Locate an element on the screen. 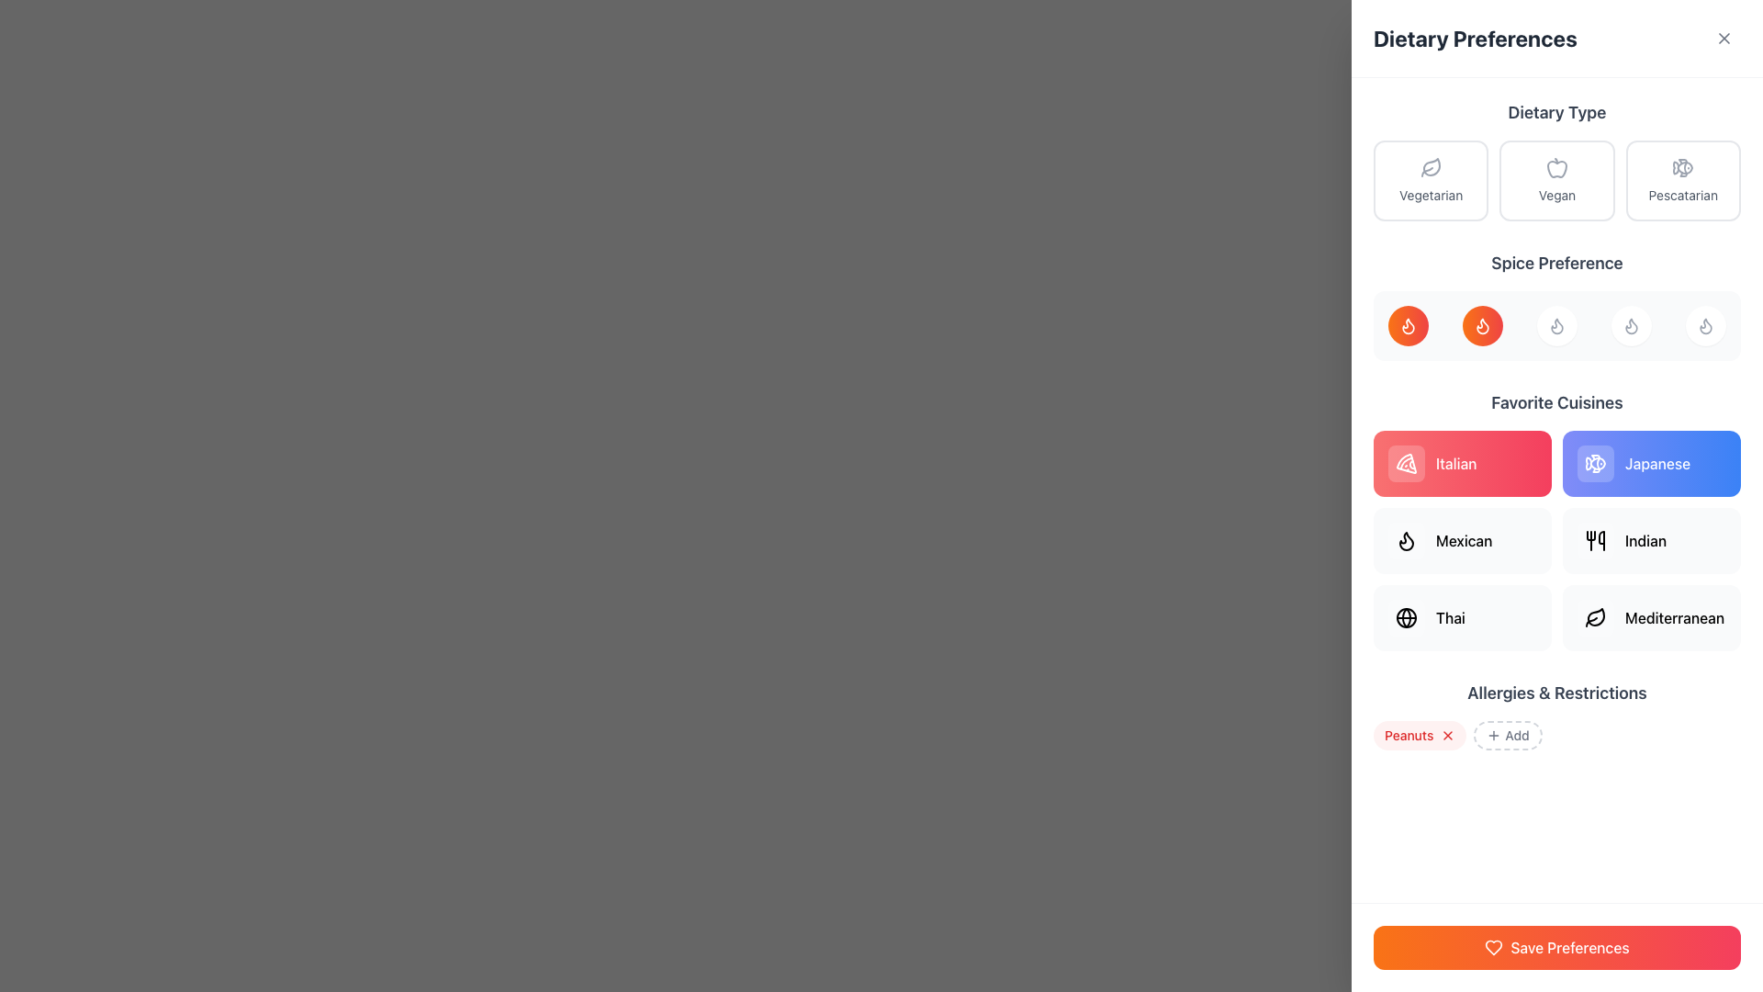 The height and width of the screenshot is (992, 1763). the 'Thai' cuisine icon located in the 'Favorite Cuisines' section on the right panel, positioned at the top-left of the row containing the text 'Thai' is located at coordinates (1405, 617).